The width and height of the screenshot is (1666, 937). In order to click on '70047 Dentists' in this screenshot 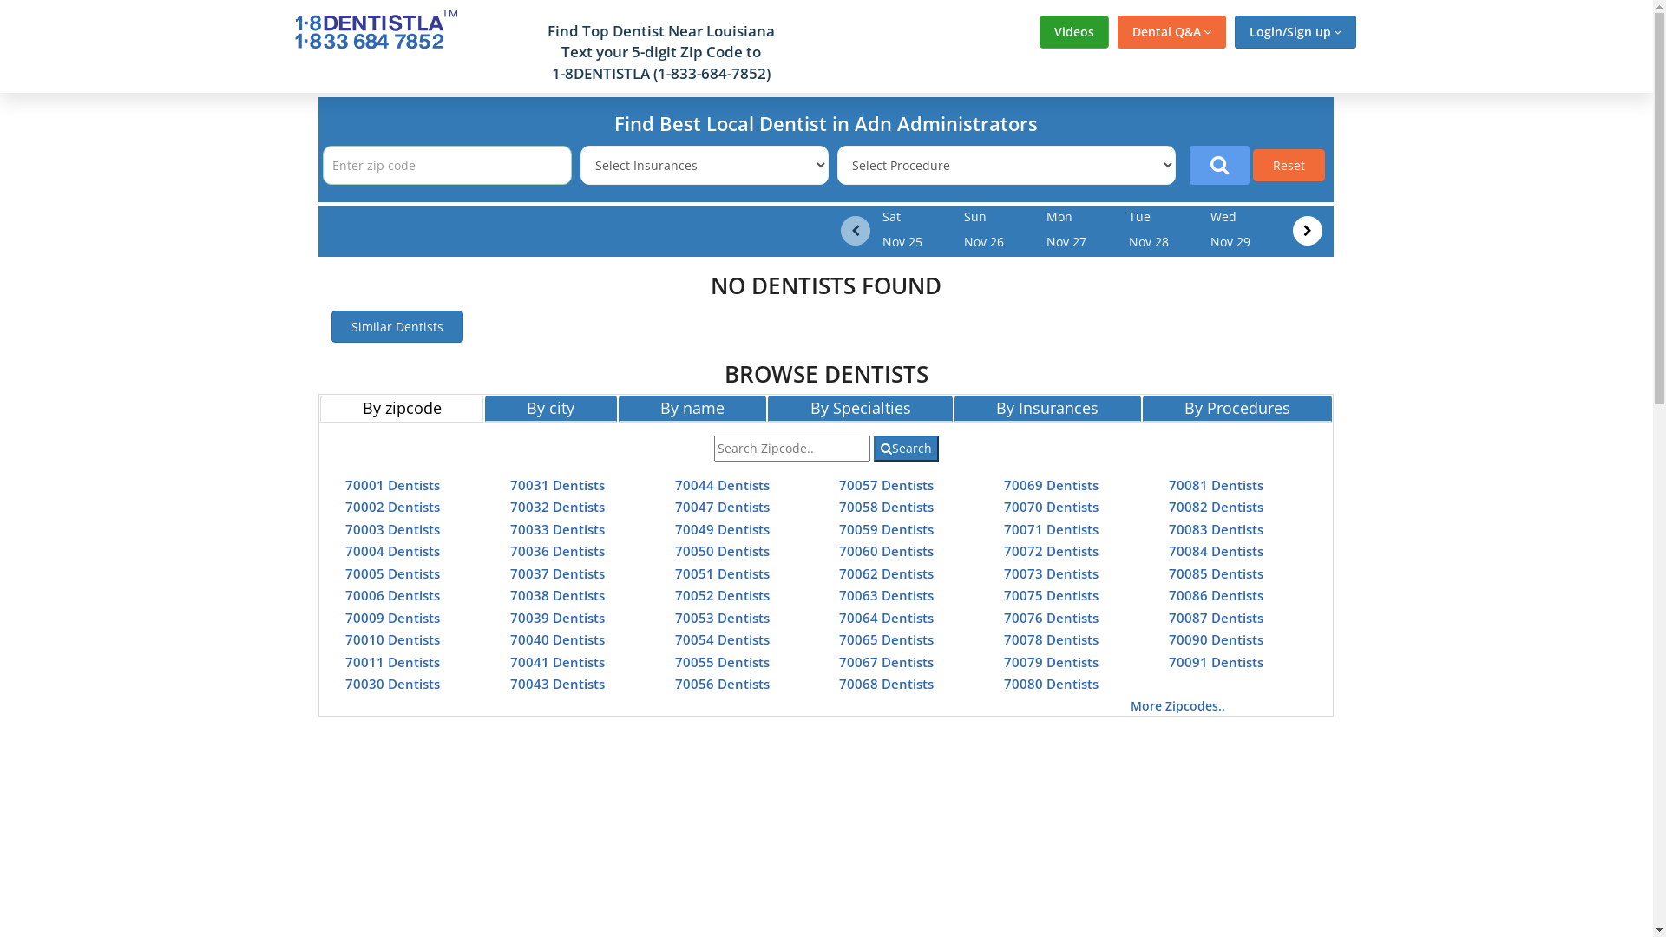, I will do `click(722, 506)`.